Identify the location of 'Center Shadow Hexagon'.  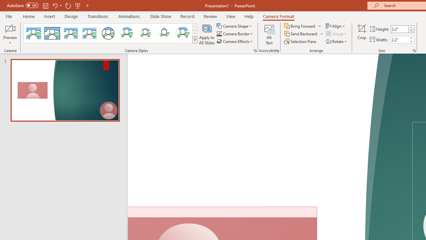
(183, 33).